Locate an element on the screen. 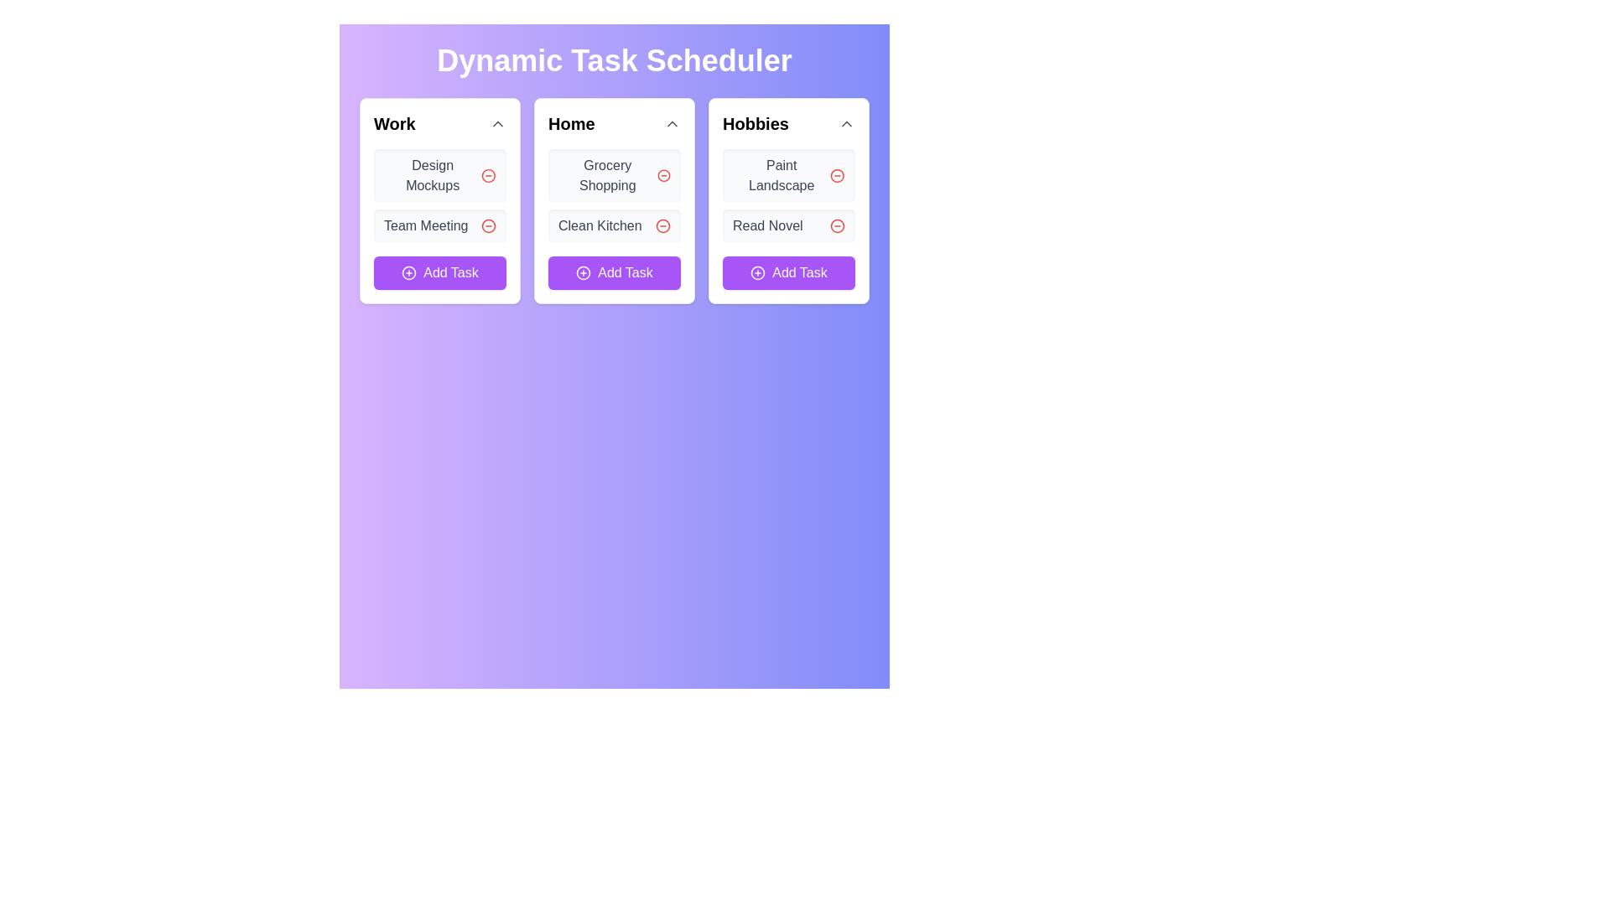 The width and height of the screenshot is (1610, 905). the task entry component labeled 'Clean Kitchen' is located at coordinates (614, 226).